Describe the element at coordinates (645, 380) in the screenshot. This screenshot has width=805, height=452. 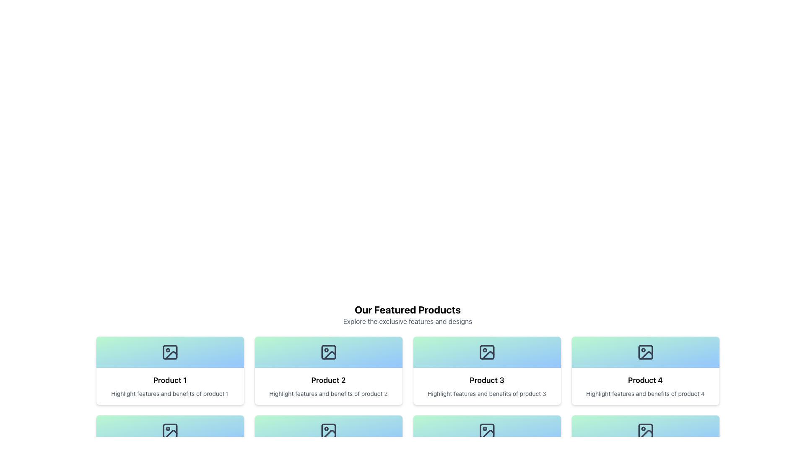
I see `the Text Label at the bottom center of the fourth product card in the 'Our Featured Products' section to recognize the product it represents` at that location.